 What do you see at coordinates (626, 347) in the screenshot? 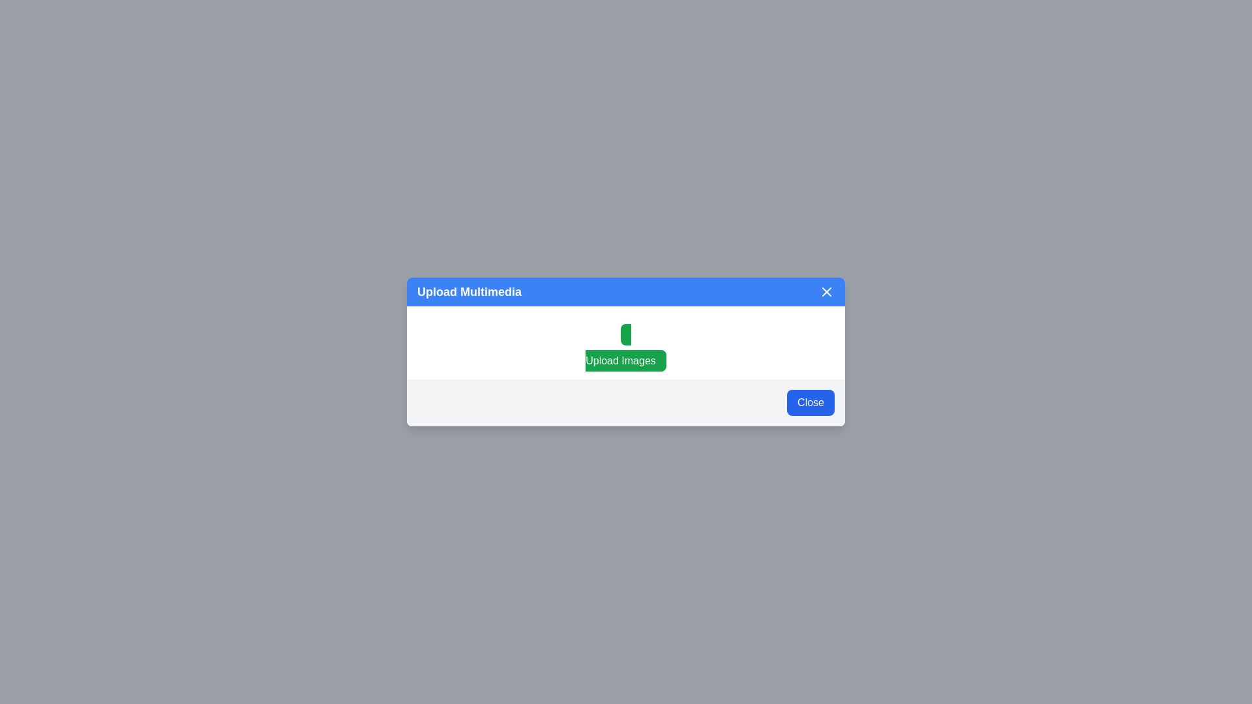
I see `the image upload button located centrally within the 'Upload Multimedia' modal dialog` at bounding box center [626, 347].